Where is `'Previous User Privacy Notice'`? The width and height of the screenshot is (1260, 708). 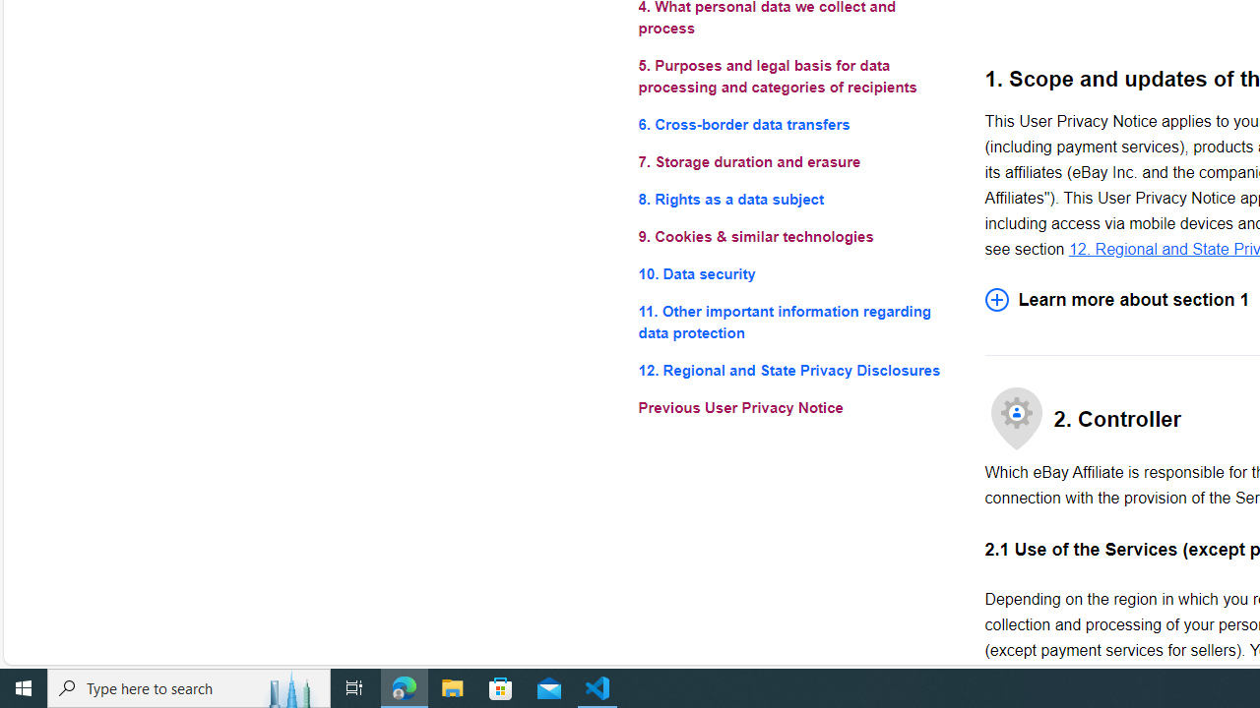 'Previous User Privacy Notice' is located at coordinates (795, 407).